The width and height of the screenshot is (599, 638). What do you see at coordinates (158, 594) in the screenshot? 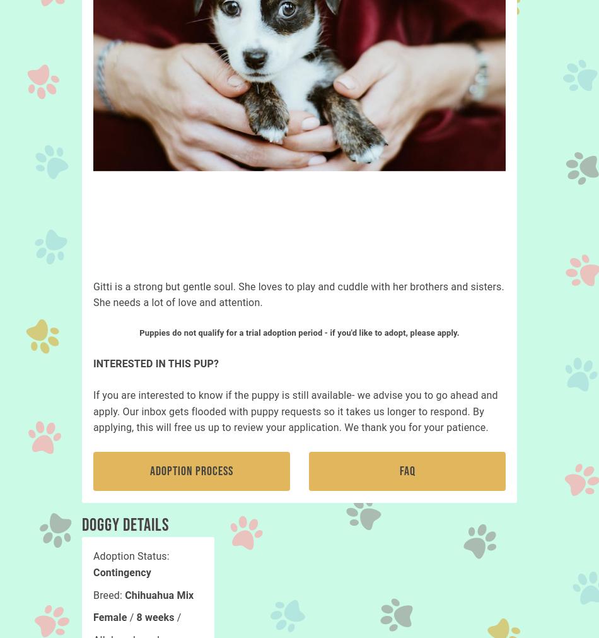
I see `'Chihuahua Mix'` at bounding box center [158, 594].